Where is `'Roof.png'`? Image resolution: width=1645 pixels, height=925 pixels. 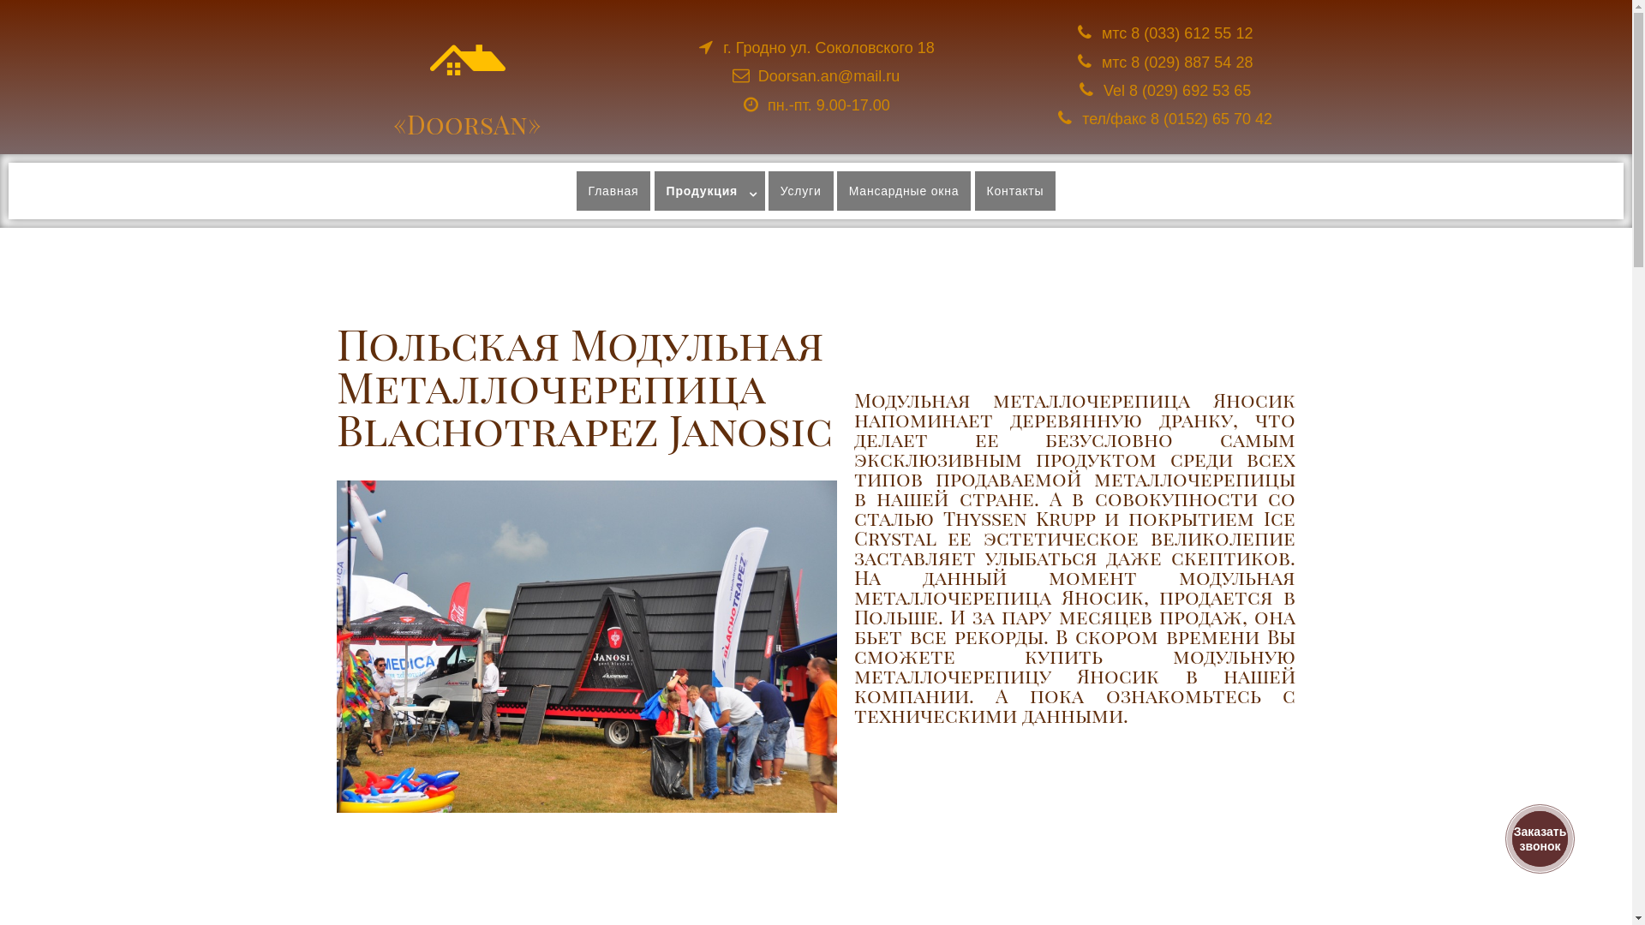
'Roof.png' is located at coordinates (468, 58).